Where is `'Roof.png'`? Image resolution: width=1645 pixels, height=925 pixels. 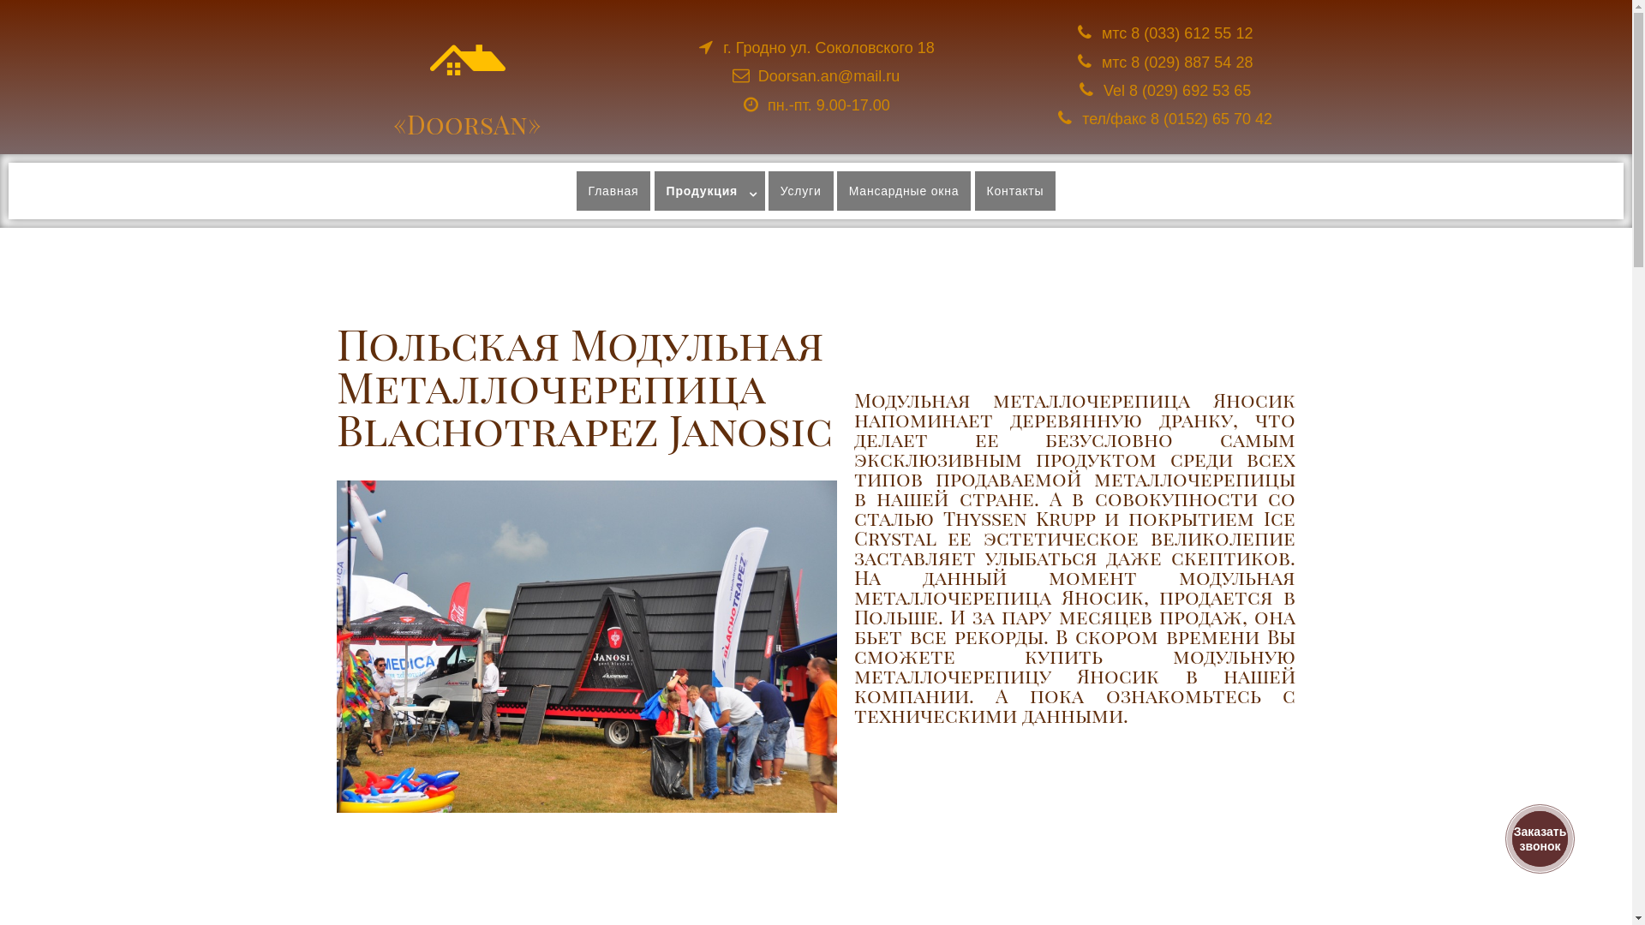
'Roof.png' is located at coordinates (468, 58).